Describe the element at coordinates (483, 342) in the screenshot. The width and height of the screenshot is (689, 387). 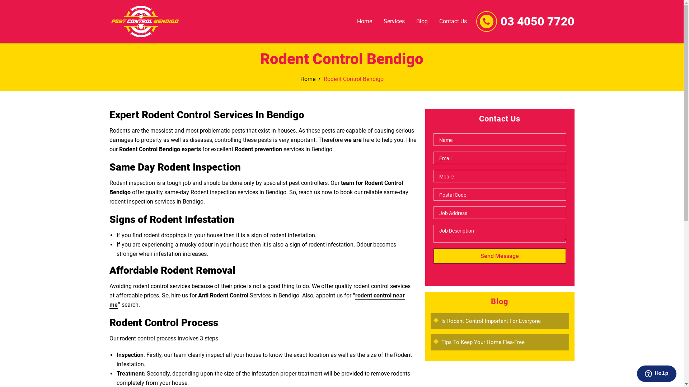
I see `'Tips To Keep Your Home Flea-Free'` at that location.